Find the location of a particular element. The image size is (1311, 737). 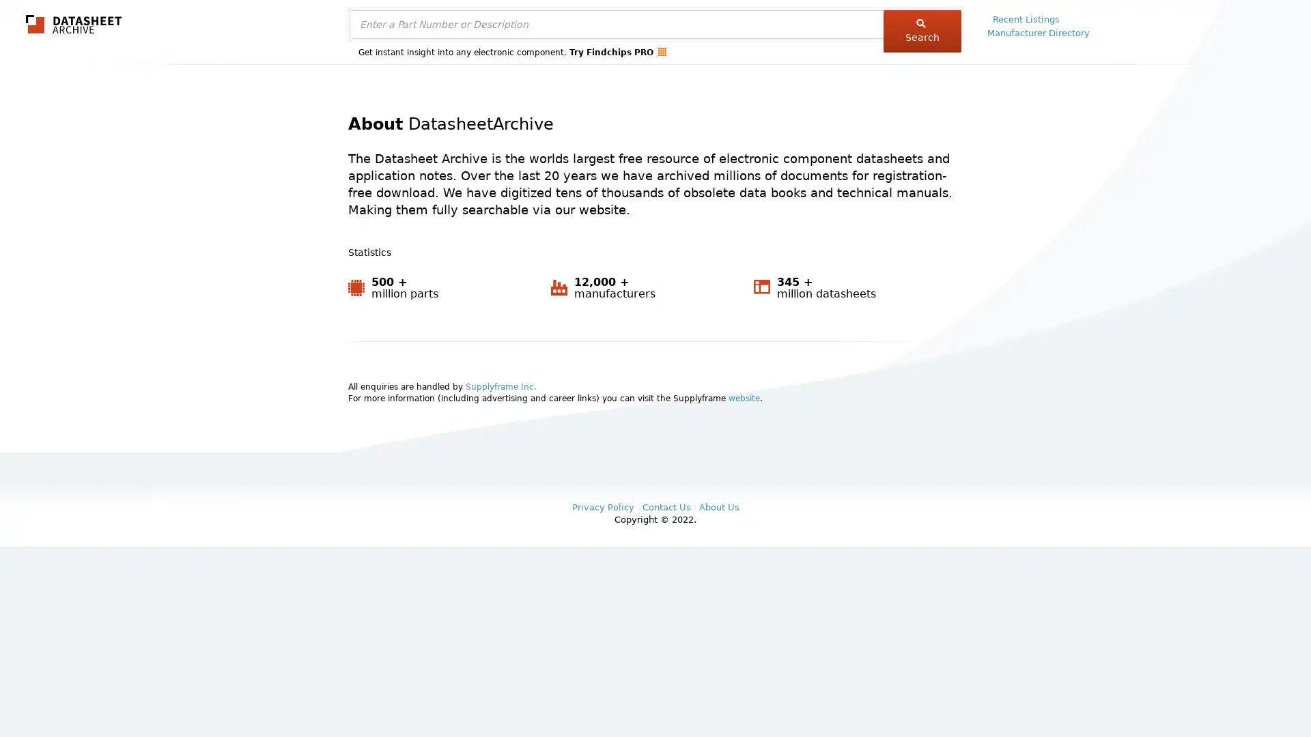

Search is located at coordinates (921, 31).